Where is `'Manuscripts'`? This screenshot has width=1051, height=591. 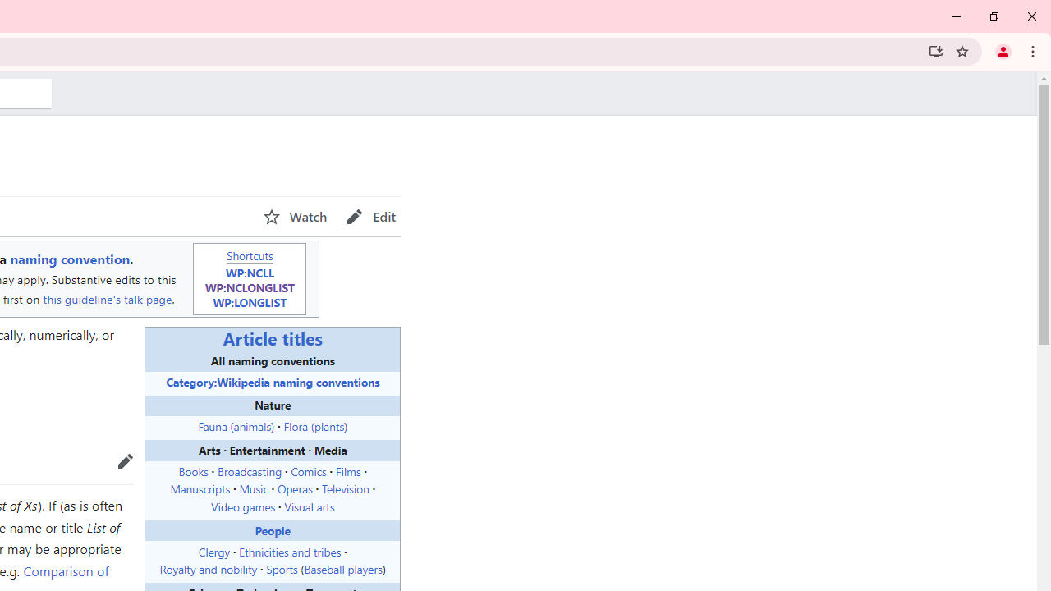
'Manuscripts' is located at coordinates (200, 488).